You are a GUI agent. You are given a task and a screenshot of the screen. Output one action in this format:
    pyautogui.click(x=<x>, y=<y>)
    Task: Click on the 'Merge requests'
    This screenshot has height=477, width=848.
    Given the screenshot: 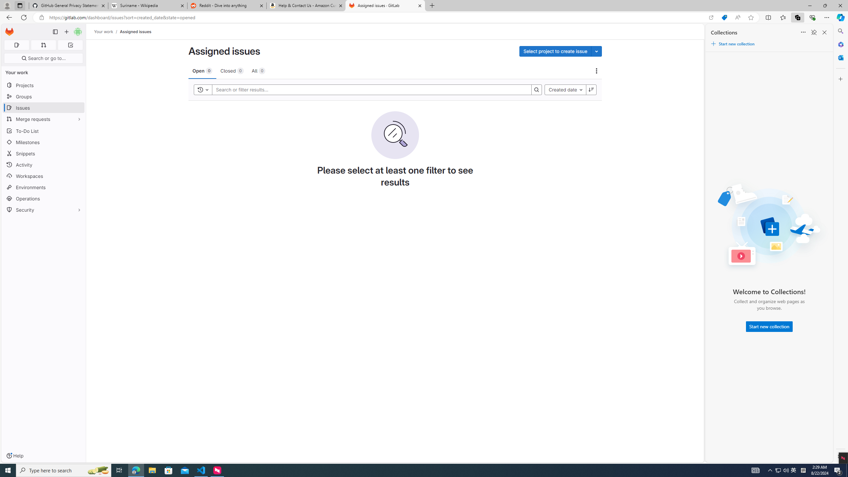 What is the action you would take?
    pyautogui.click(x=43, y=119)
    